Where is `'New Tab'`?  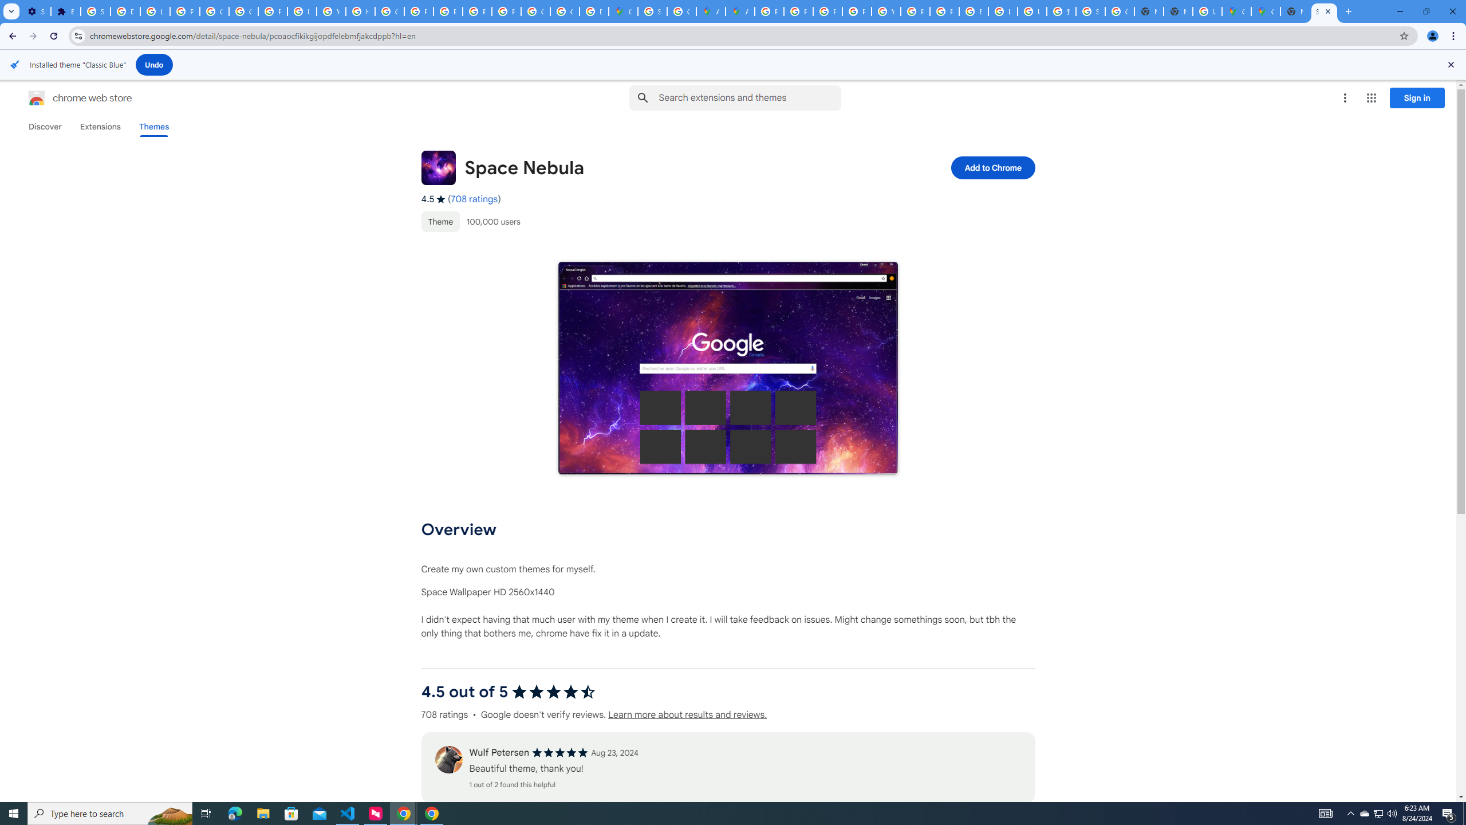
'New Tab' is located at coordinates (1295, 11).